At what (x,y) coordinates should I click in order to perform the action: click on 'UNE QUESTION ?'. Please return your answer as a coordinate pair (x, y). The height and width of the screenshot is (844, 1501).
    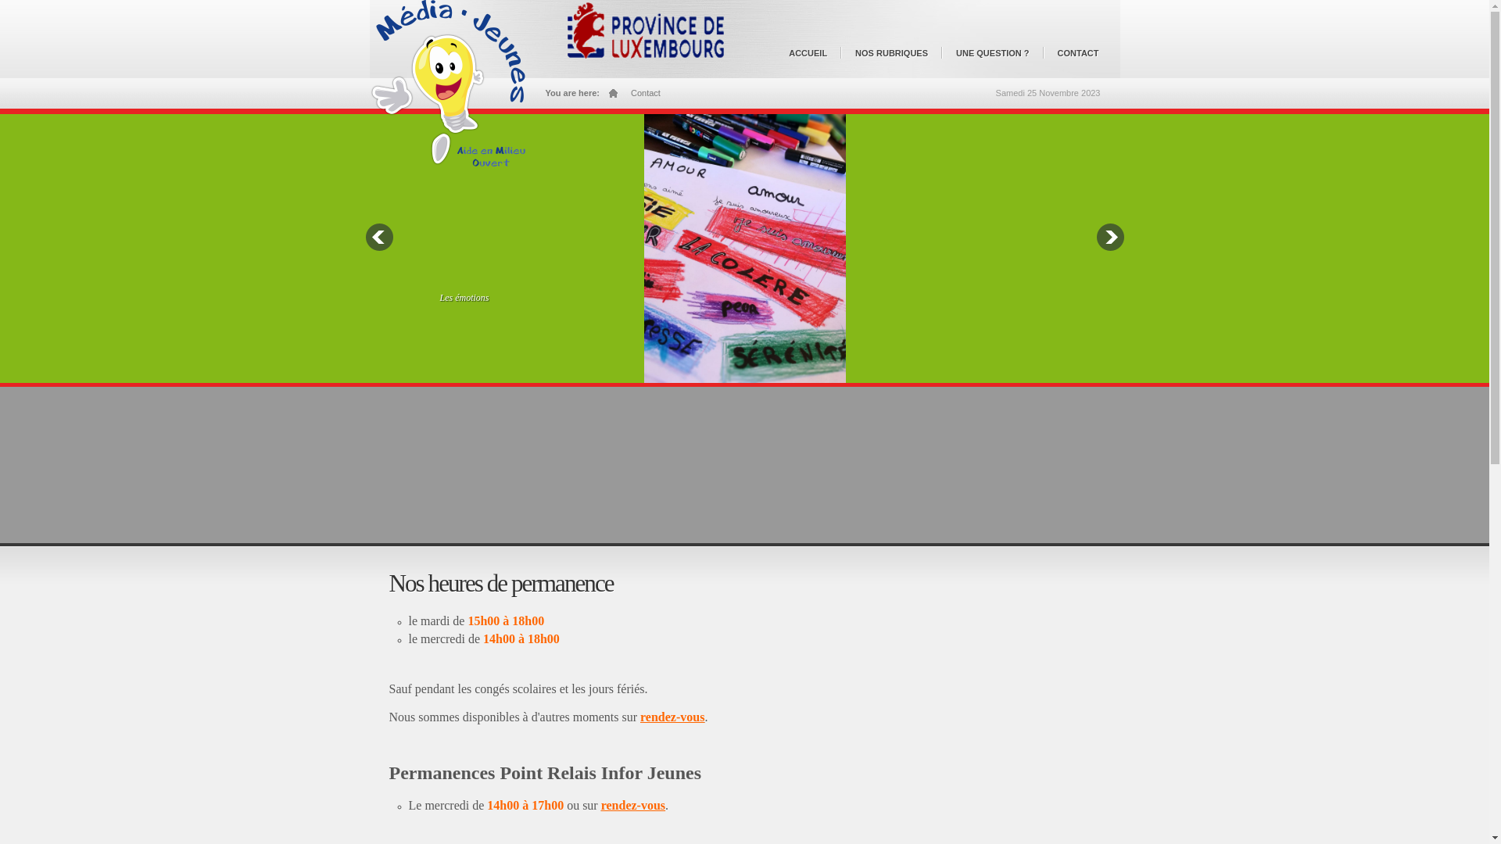
    Looking at the image, I should click on (996, 59).